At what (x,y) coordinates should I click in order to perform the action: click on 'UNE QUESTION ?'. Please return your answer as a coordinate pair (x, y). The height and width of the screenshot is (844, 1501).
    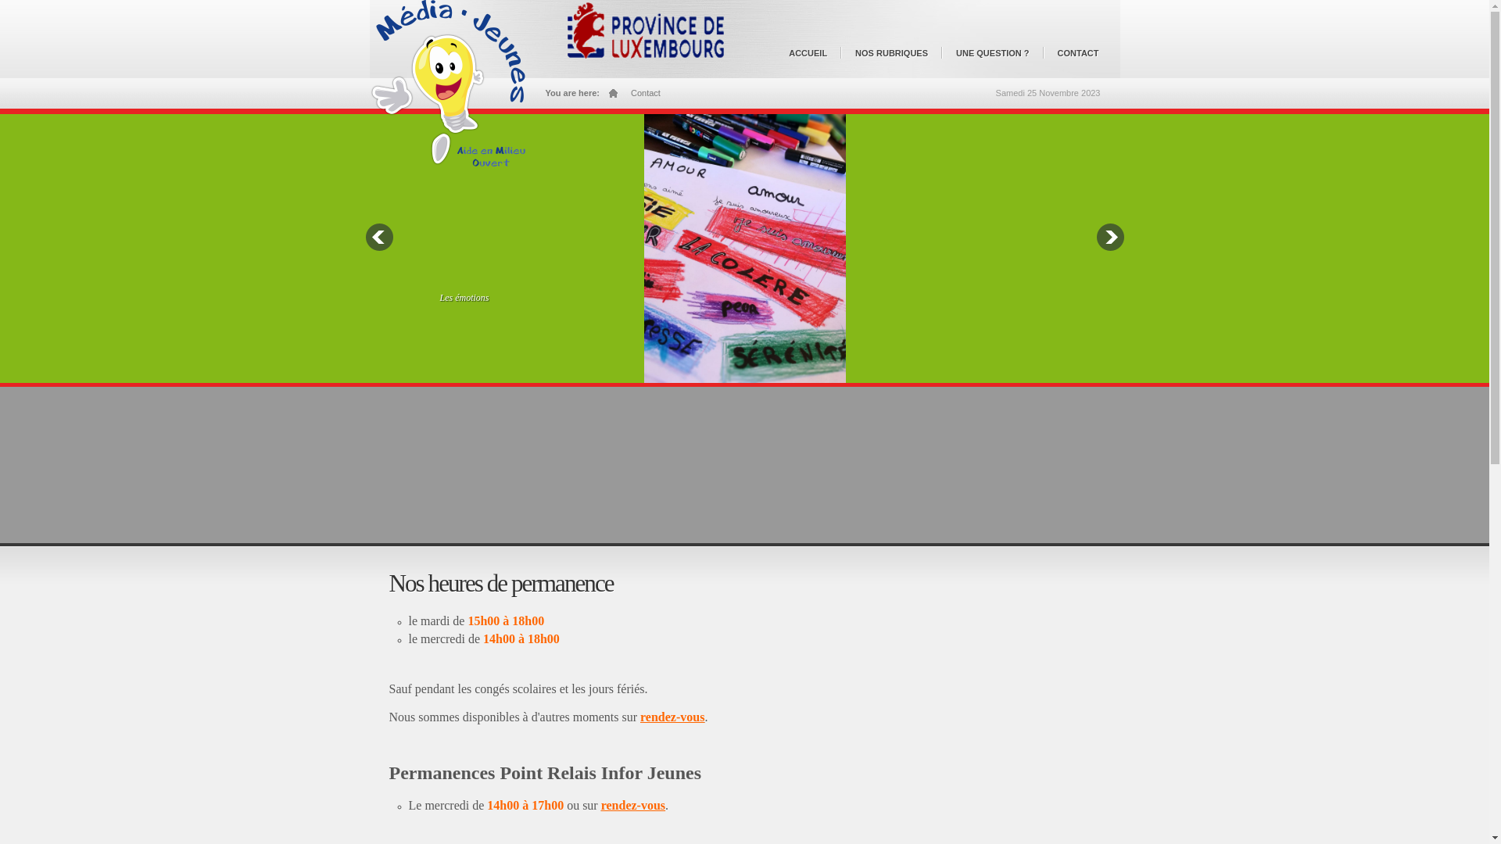
    Looking at the image, I should click on (996, 59).